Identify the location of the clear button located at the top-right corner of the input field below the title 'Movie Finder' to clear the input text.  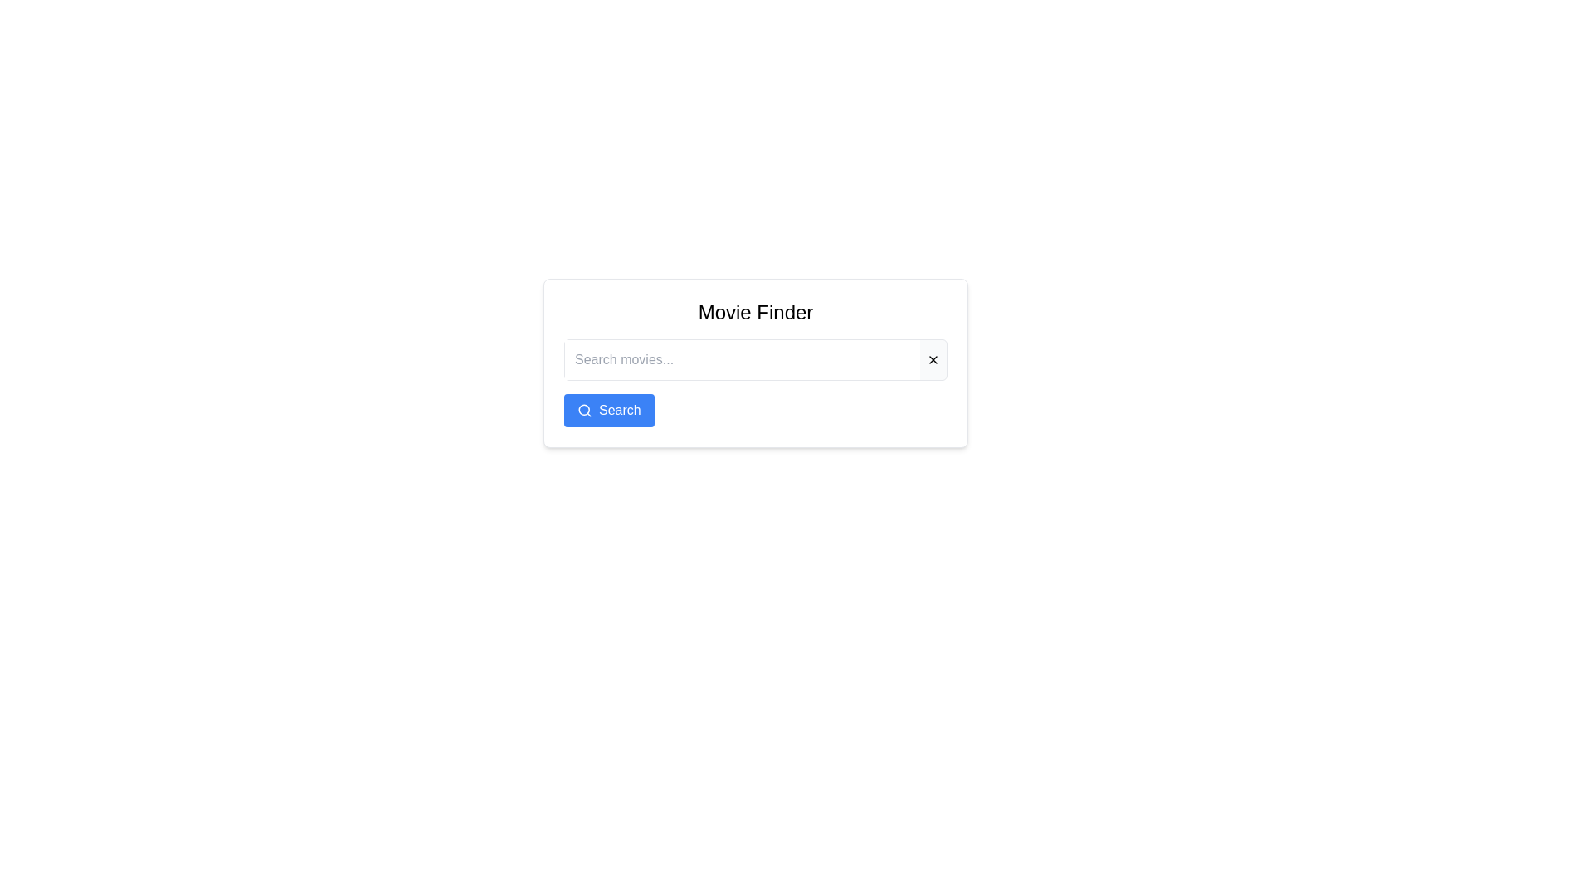
(933, 359).